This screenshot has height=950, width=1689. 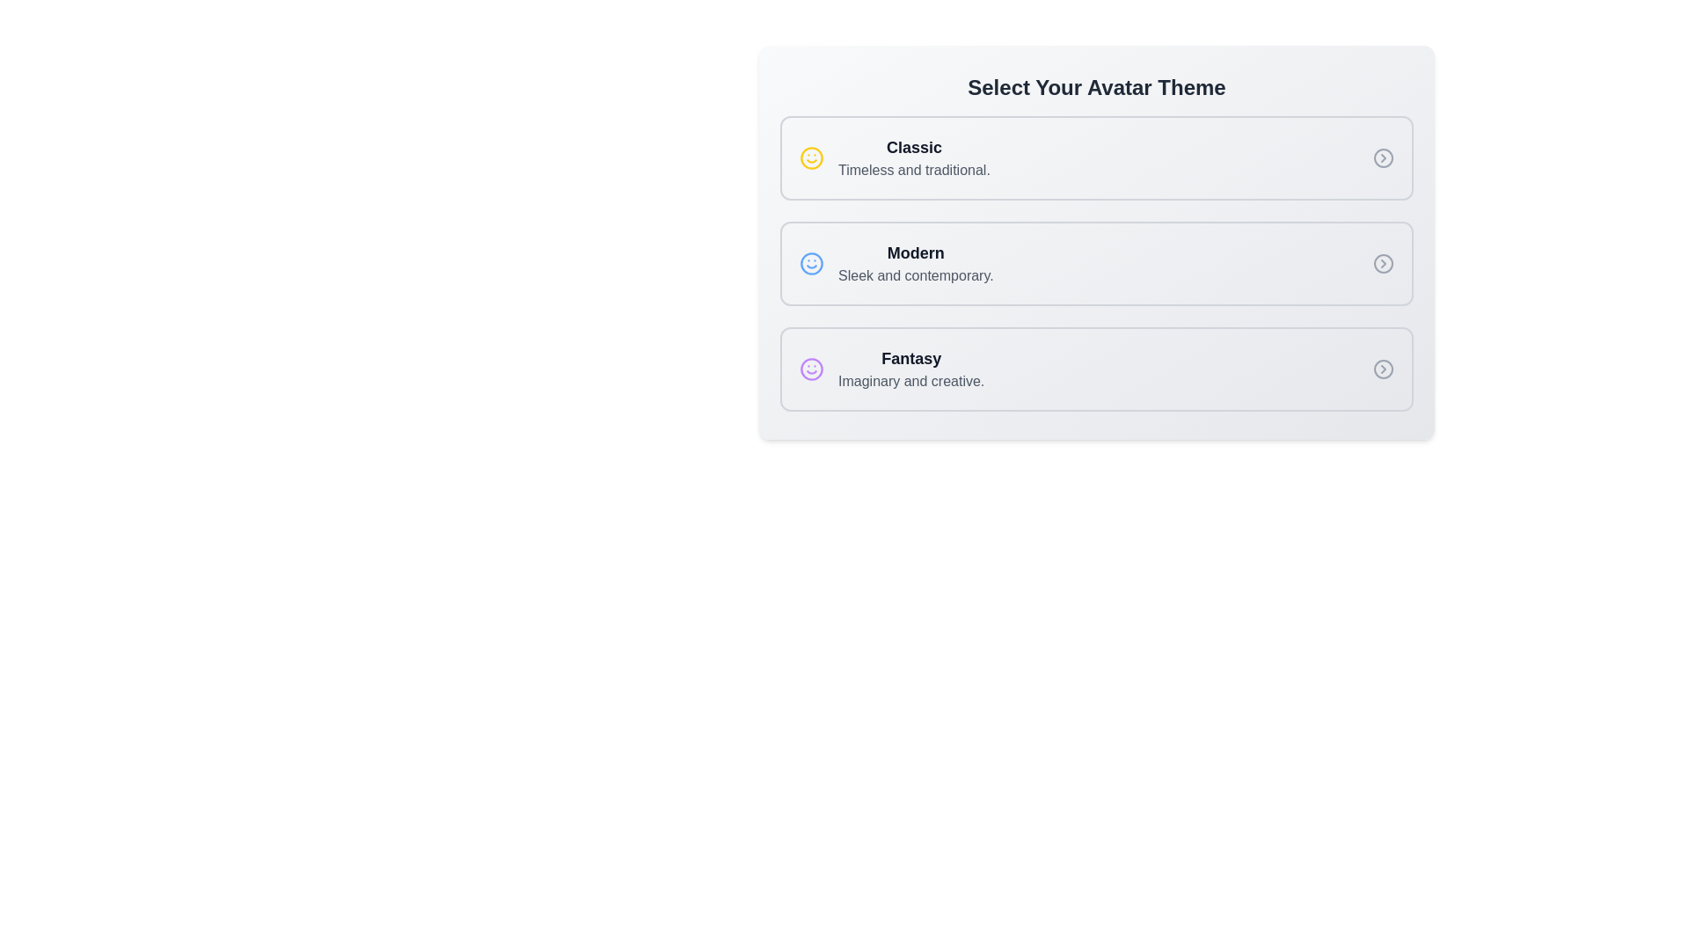 I want to click on the icon located to the far right of the 'Fantasy' choice option, so click(x=1383, y=369).